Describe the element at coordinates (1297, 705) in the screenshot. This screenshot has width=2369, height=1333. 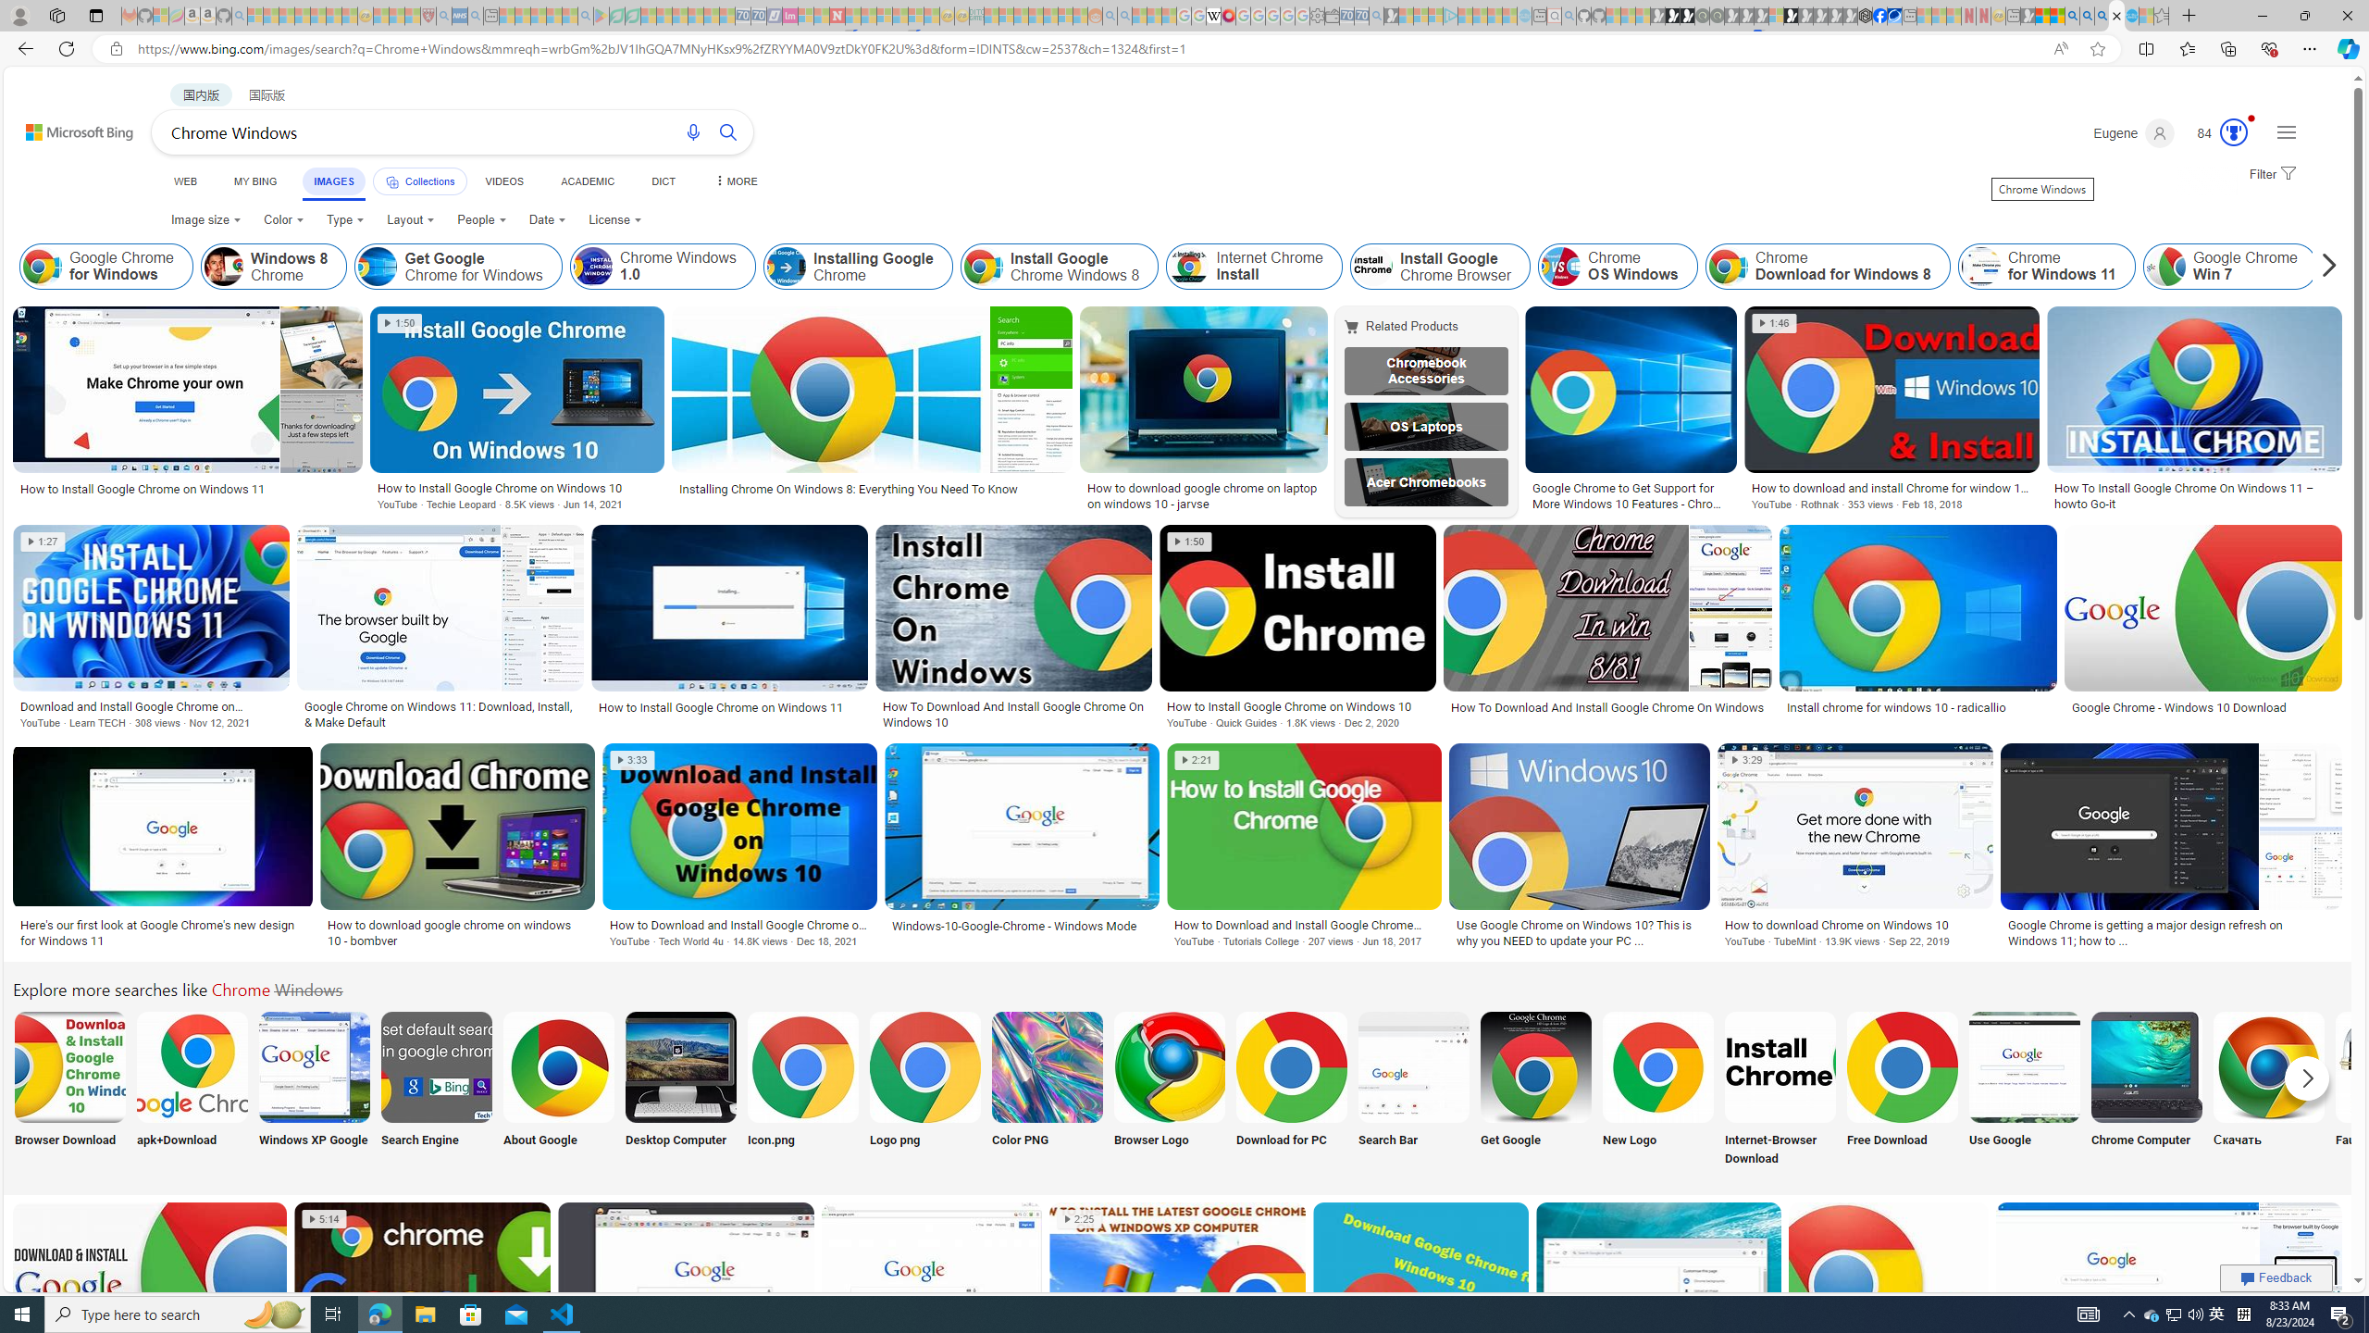
I see `'How to Install Google Chrome on Windows 10'` at that location.